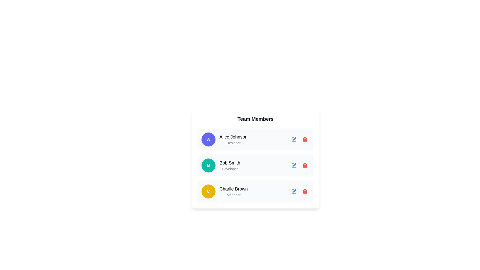 This screenshot has width=480, height=270. I want to click on the static text label 'Bob Smith', which identifies a team member in the list, positioned between 'Alice Johnson' and 'Charlie Brown' with a teal circular indicator on the left, so click(229, 163).